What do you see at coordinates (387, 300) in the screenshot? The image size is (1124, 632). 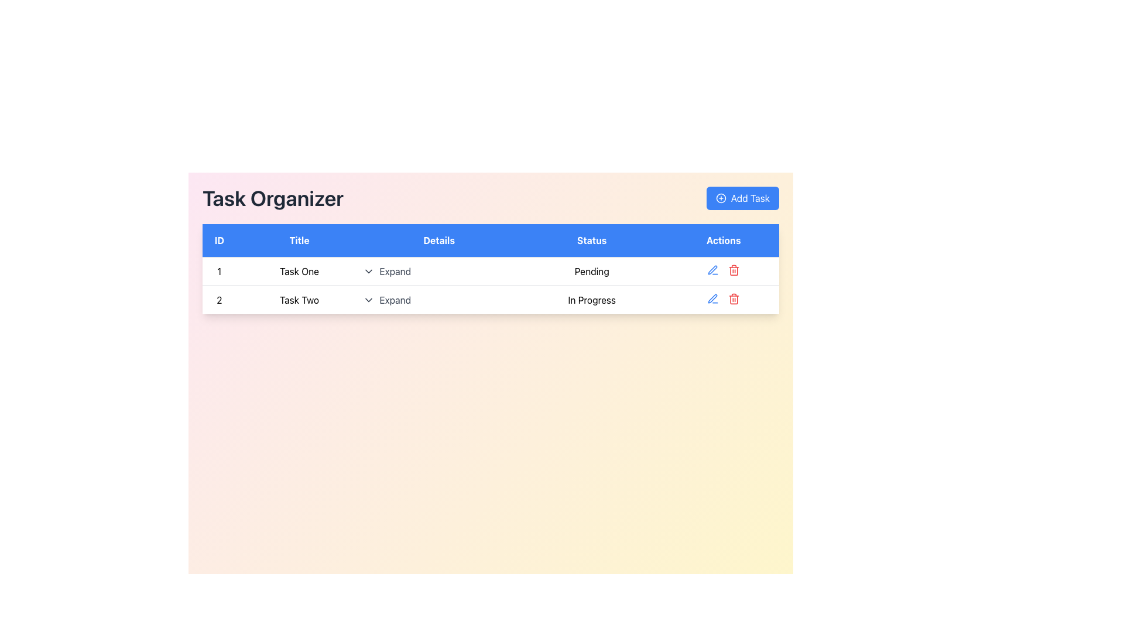 I see `the interactive 'Expand' button in the 'Details' column of the second row for 'Task Two' in the 'Task Organizer' table to activate hover effects` at bounding box center [387, 300].